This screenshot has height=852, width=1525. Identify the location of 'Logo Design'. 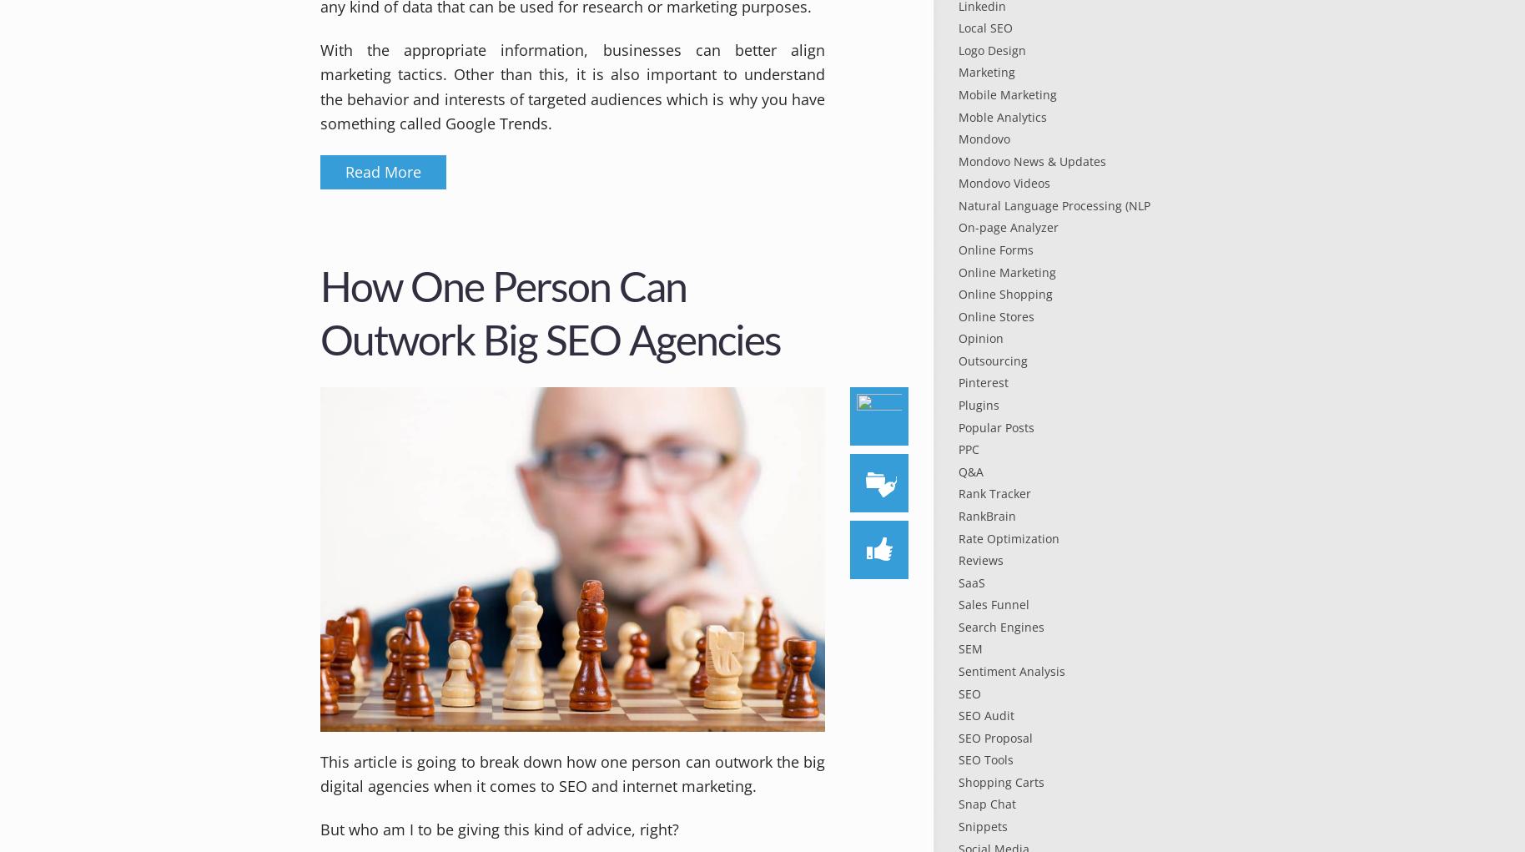
(991, 49).